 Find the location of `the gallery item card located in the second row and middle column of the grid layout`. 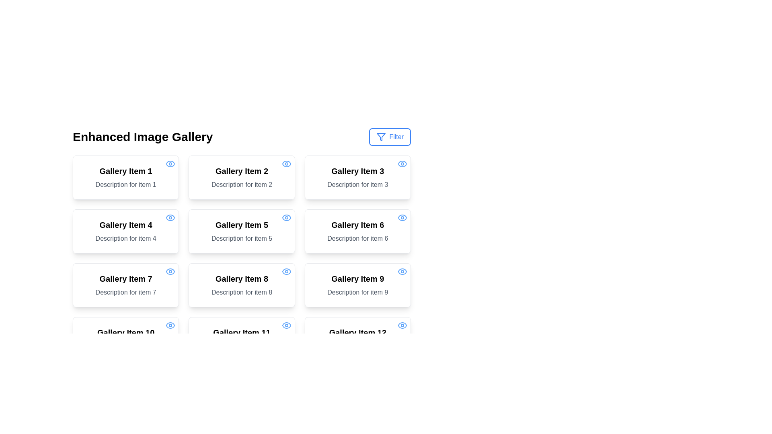

the gallery item card located in the second row and middle column of the grid layout is located at coordinates (241, 231).